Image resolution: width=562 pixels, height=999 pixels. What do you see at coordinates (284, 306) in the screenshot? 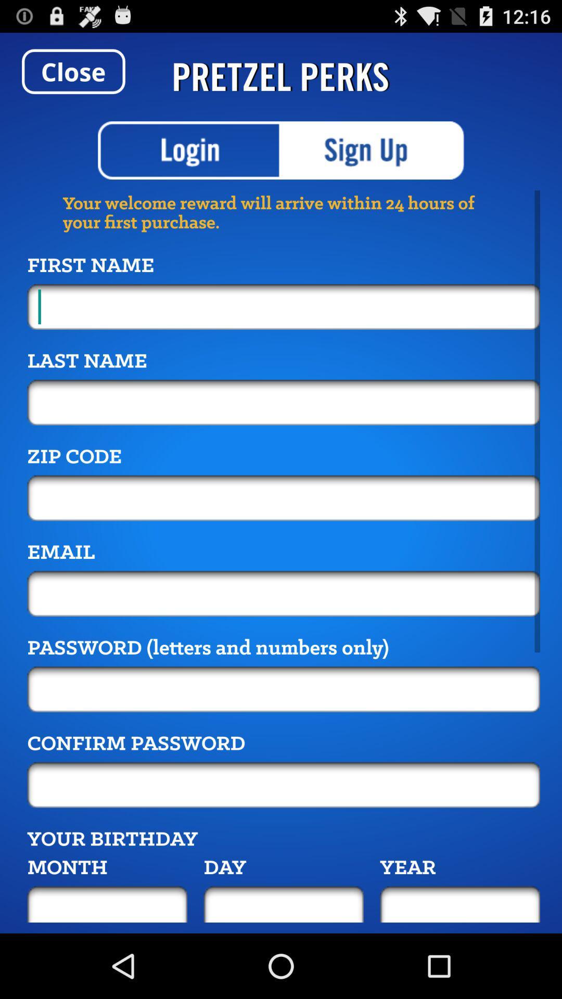
I see `first name entry` at bounding box center [284, 306].